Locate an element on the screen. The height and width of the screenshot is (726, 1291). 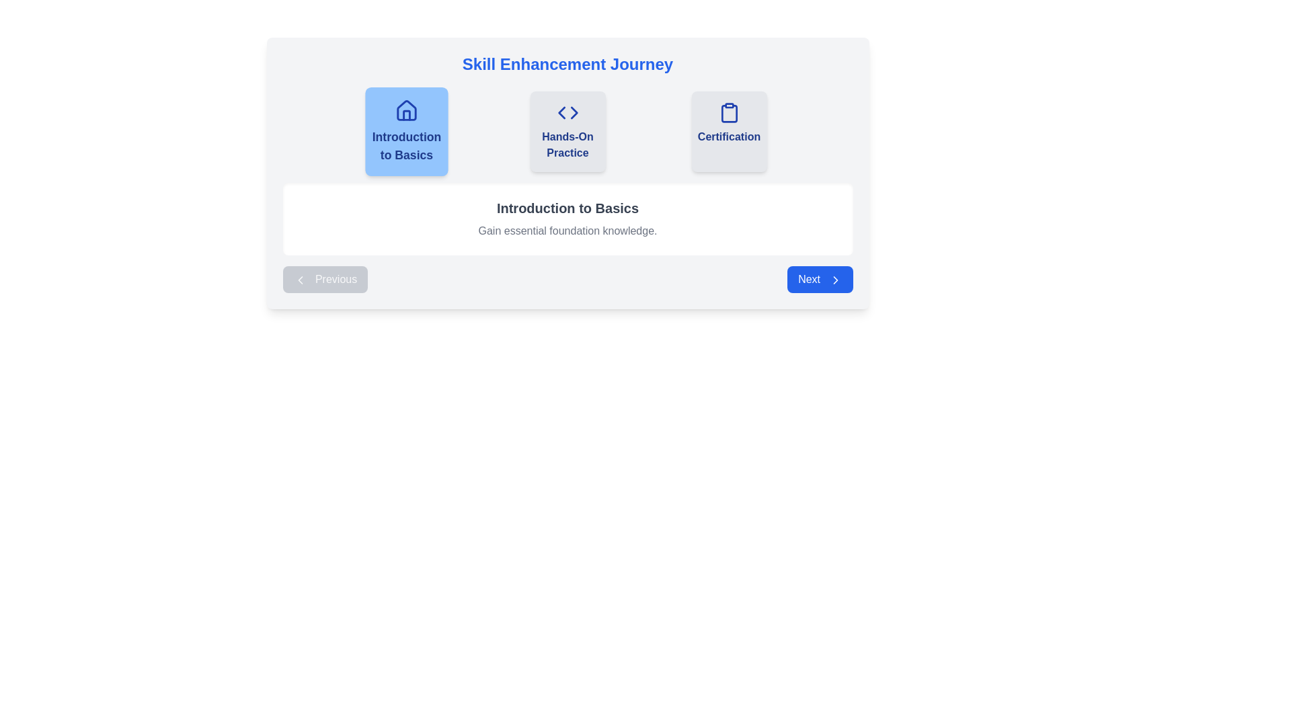
the 'Certification' icon located at the top center of the 'Certification' card, which is the third card in a row of three options is located at coordinates (728, 112).